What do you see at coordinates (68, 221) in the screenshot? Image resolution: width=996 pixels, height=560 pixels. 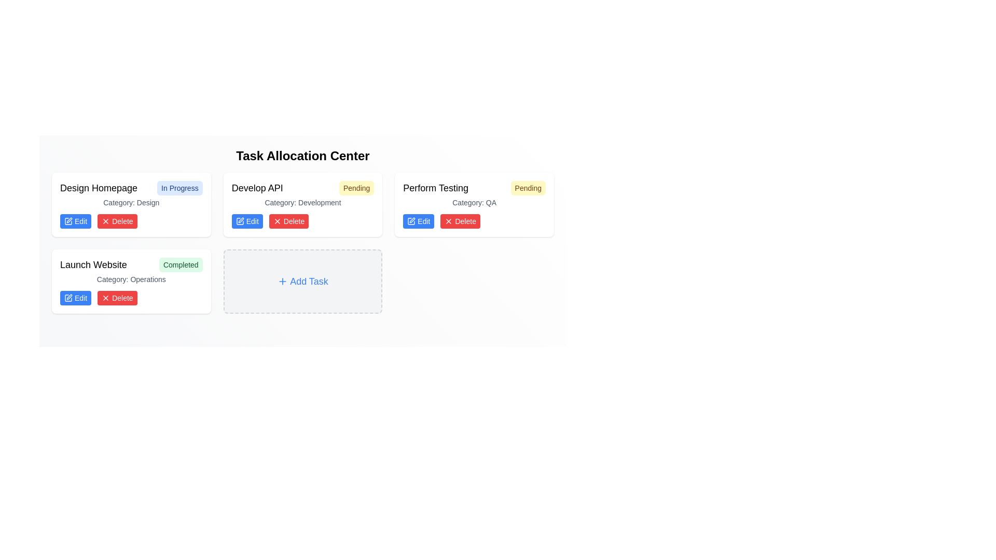 I see `the edit icon located within the blue 'Edit' button at the bottom left corner of the 'Design Homepage' card in the Task Allocation Center interface to initiate an edit action` at bounding box center [68, 221].